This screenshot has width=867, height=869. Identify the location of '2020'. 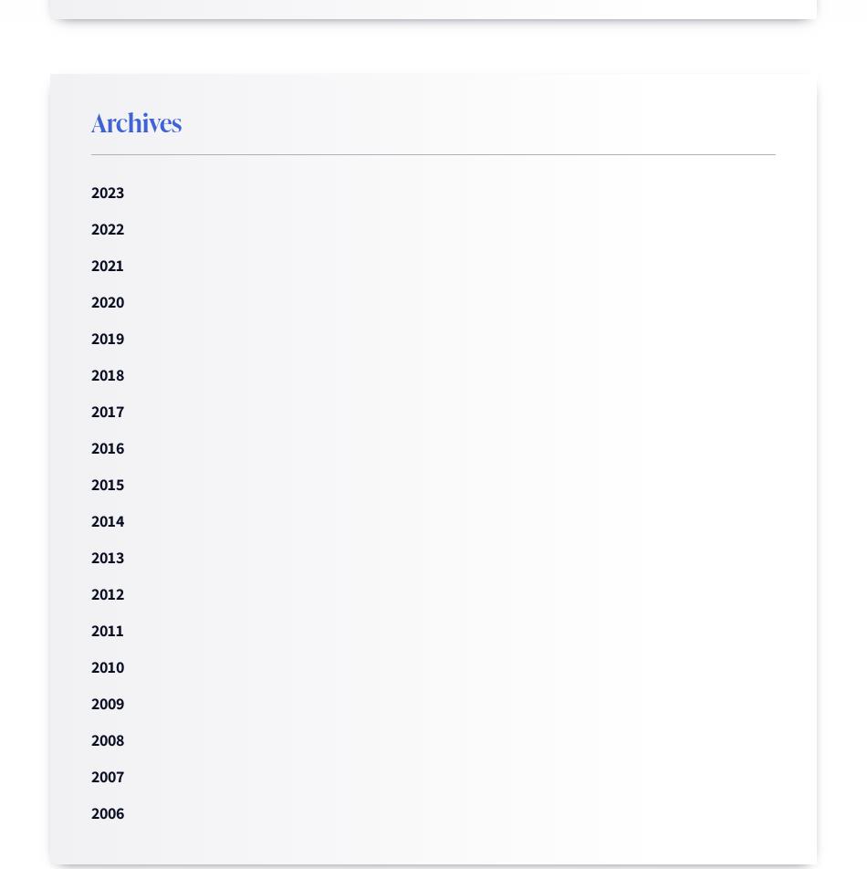
(107, 301).